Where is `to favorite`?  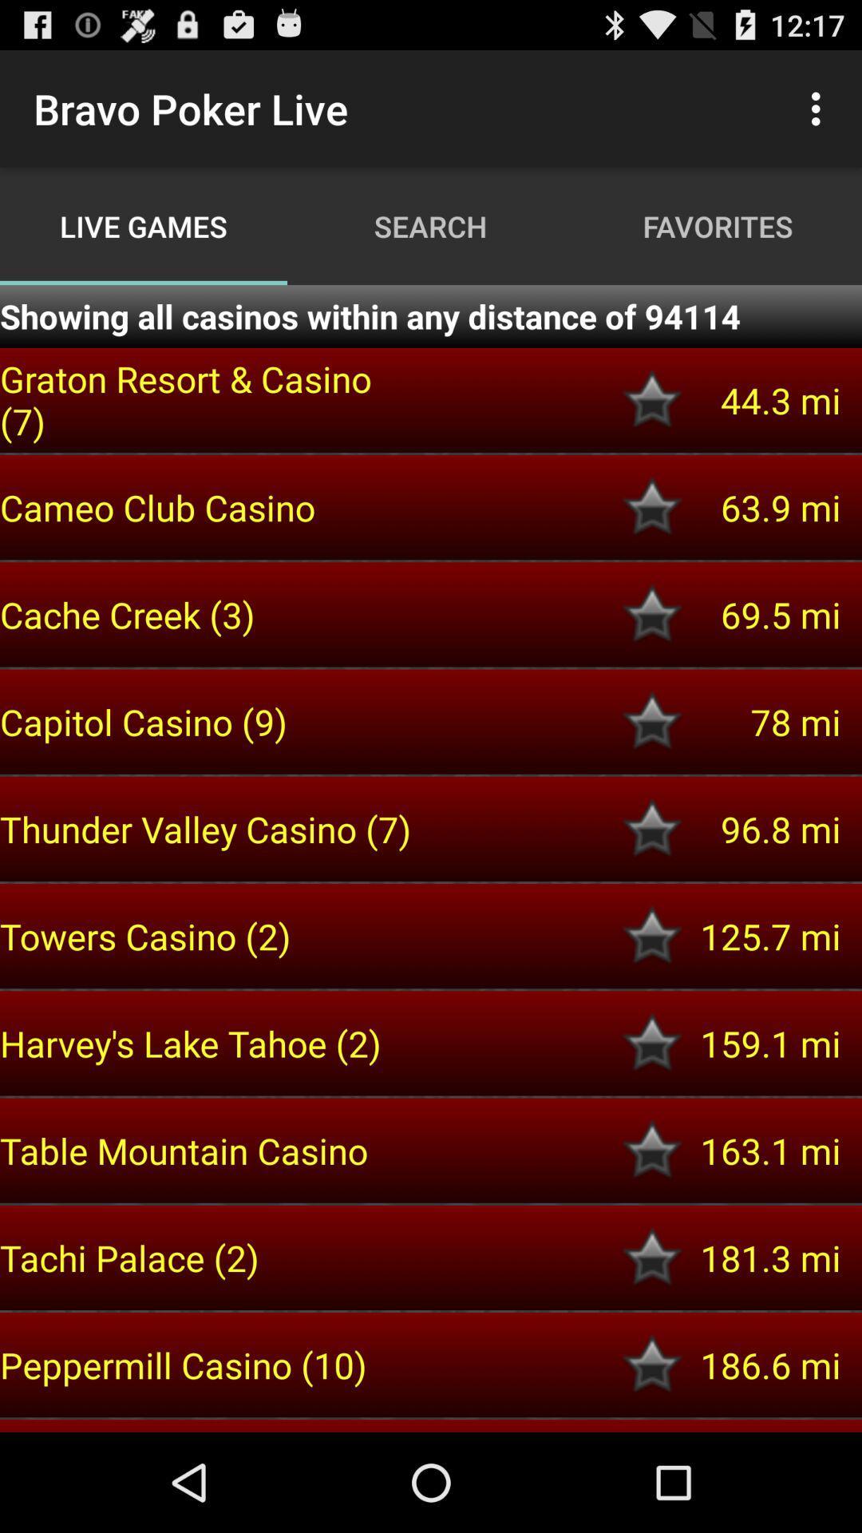 to favorite is located at coordinates (652, 400).